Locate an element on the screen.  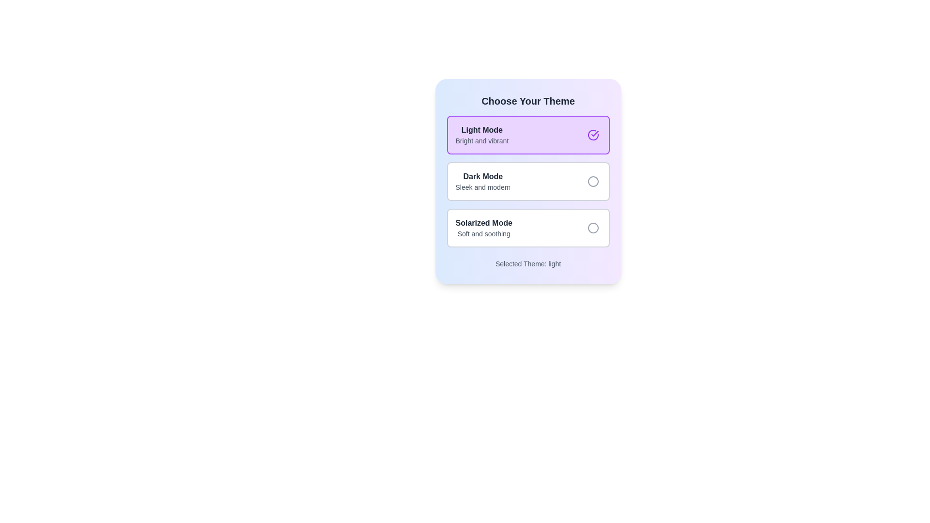
the Icon Indicator for the 'Light Mode' theme selection is located at coordinates (592, 135).